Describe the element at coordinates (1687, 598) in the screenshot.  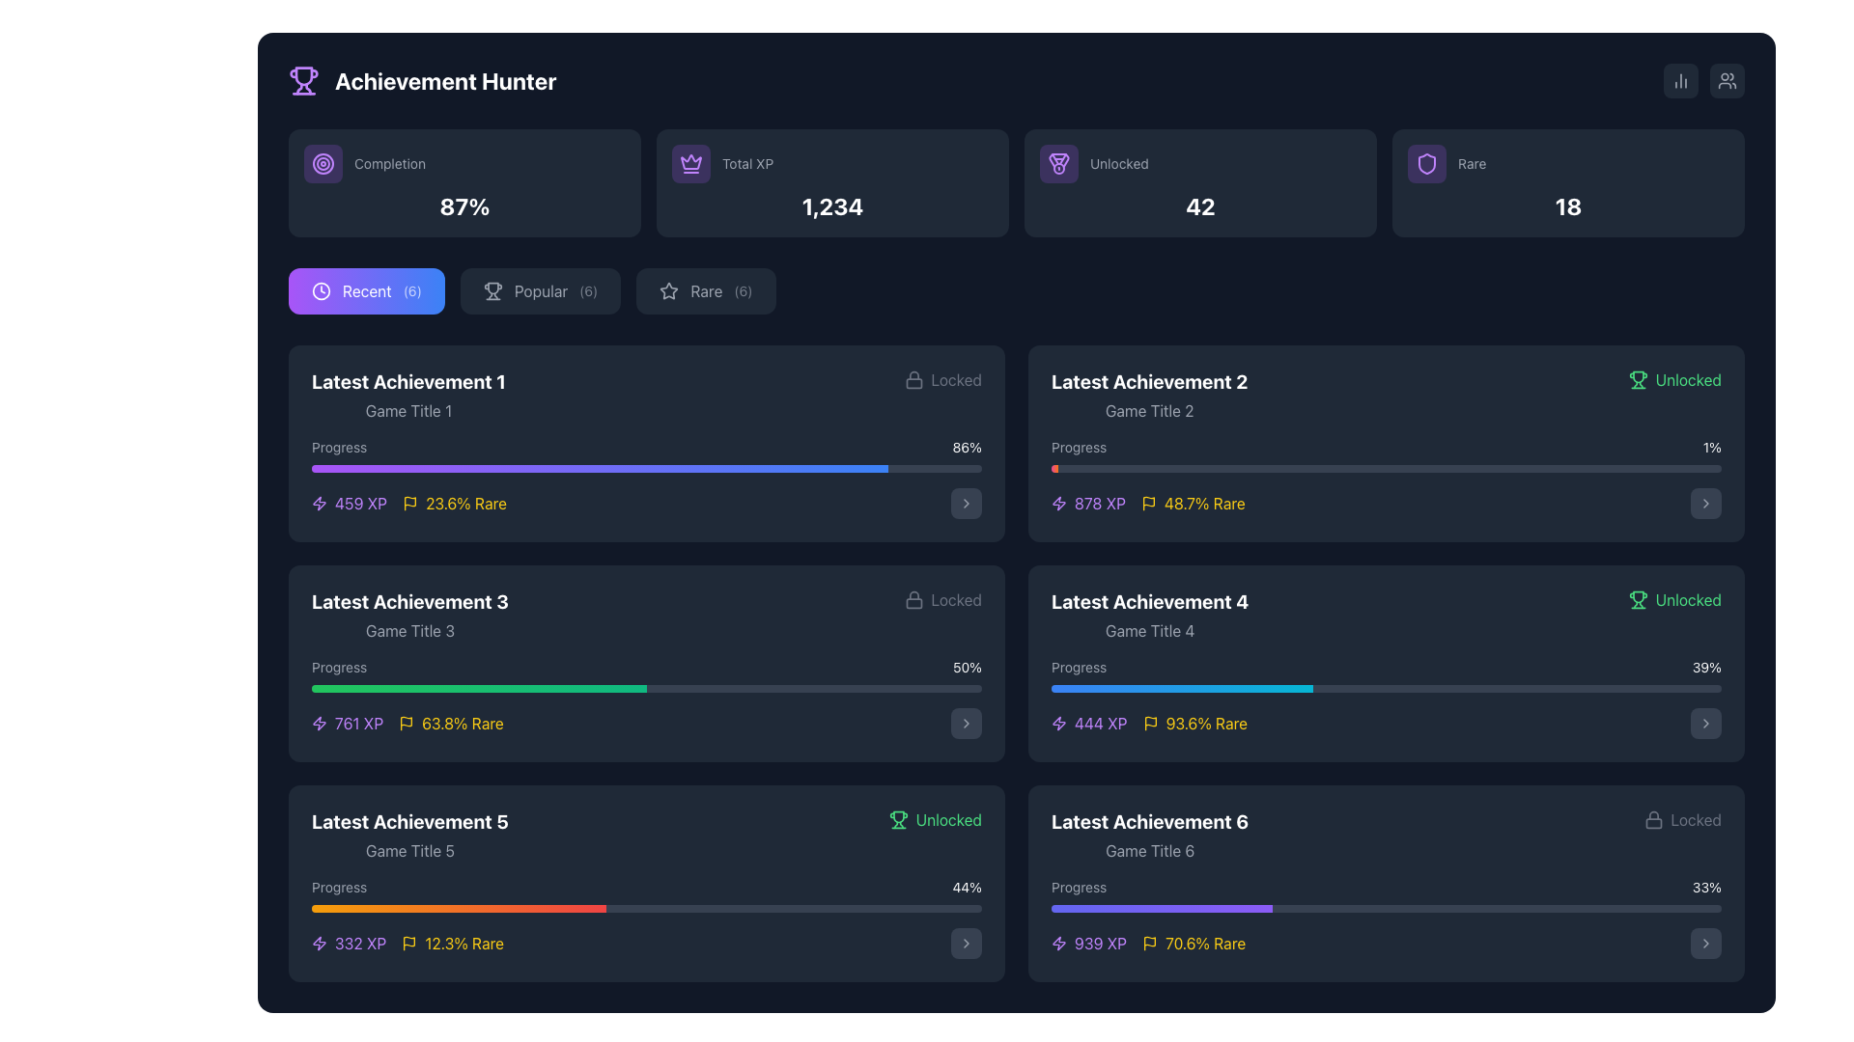
I see `the static text label 'Unlocked', which indicates the status of the achievement in the lower right card associated with 'Latest Achievement 4'` at that location.